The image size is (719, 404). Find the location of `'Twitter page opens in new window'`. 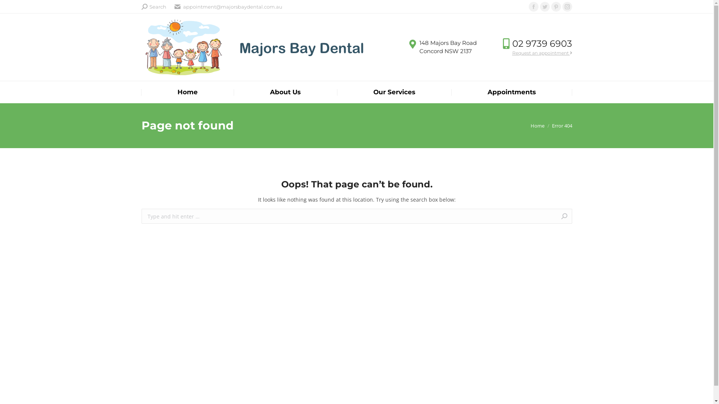

'Twitter page opens in new window' is located at coordinates (544, 7).